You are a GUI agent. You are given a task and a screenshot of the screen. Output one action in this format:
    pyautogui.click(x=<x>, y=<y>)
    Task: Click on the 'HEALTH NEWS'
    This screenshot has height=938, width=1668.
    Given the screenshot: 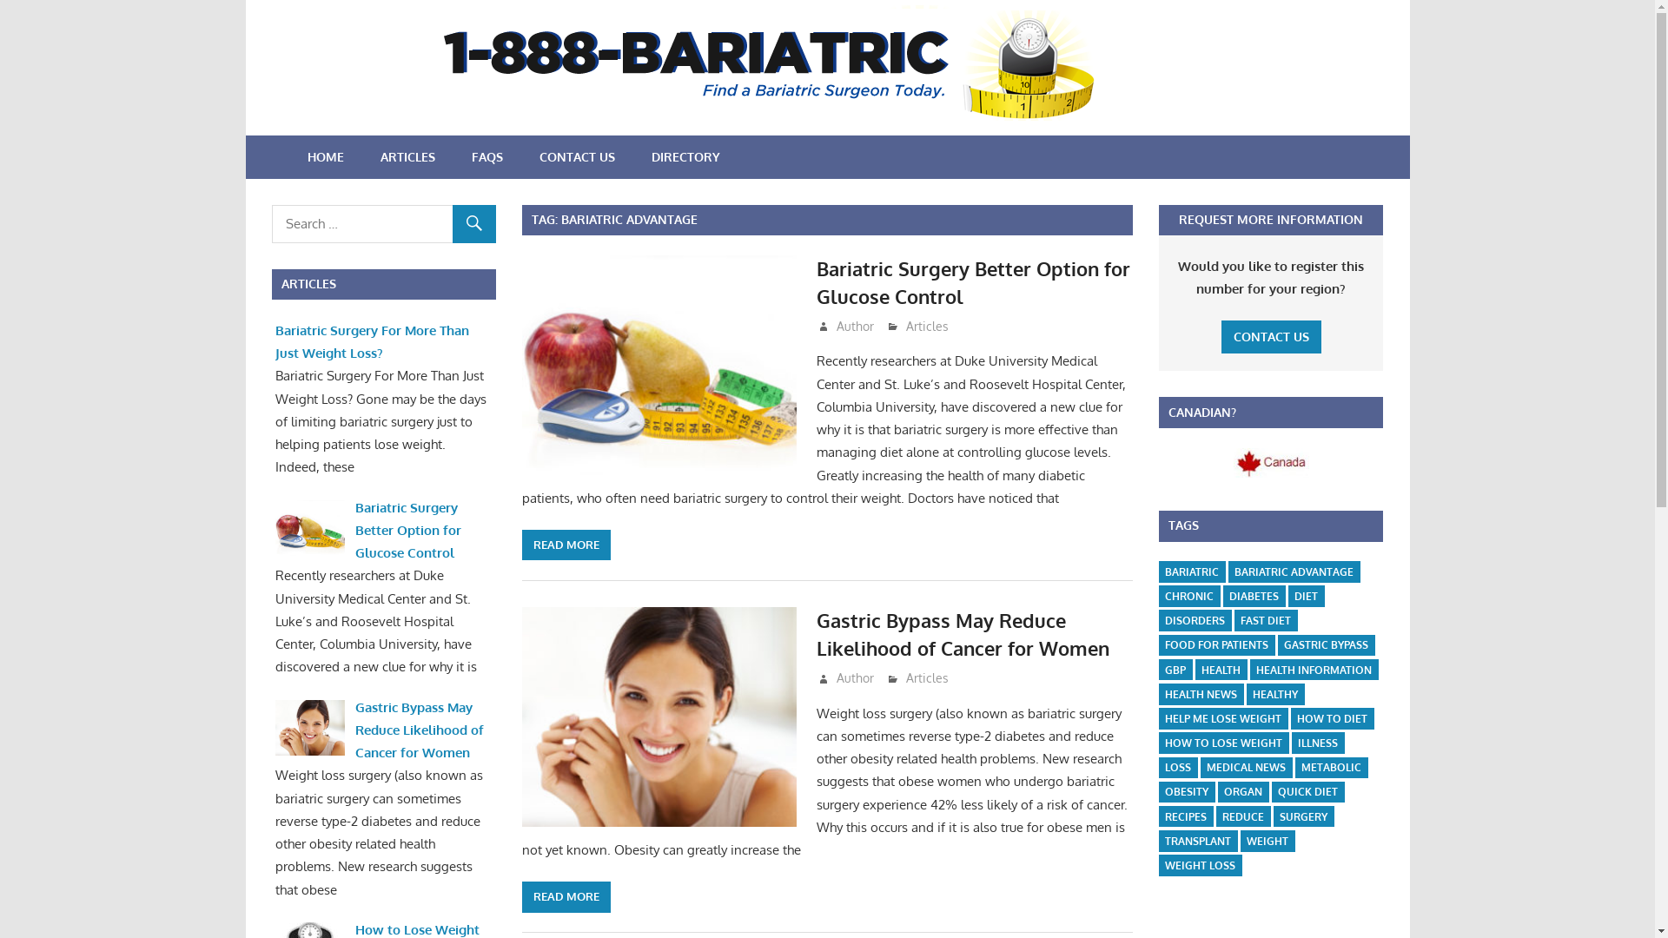 What is the action you would take?
    pyautogui.click(x=1200, y=693)
    